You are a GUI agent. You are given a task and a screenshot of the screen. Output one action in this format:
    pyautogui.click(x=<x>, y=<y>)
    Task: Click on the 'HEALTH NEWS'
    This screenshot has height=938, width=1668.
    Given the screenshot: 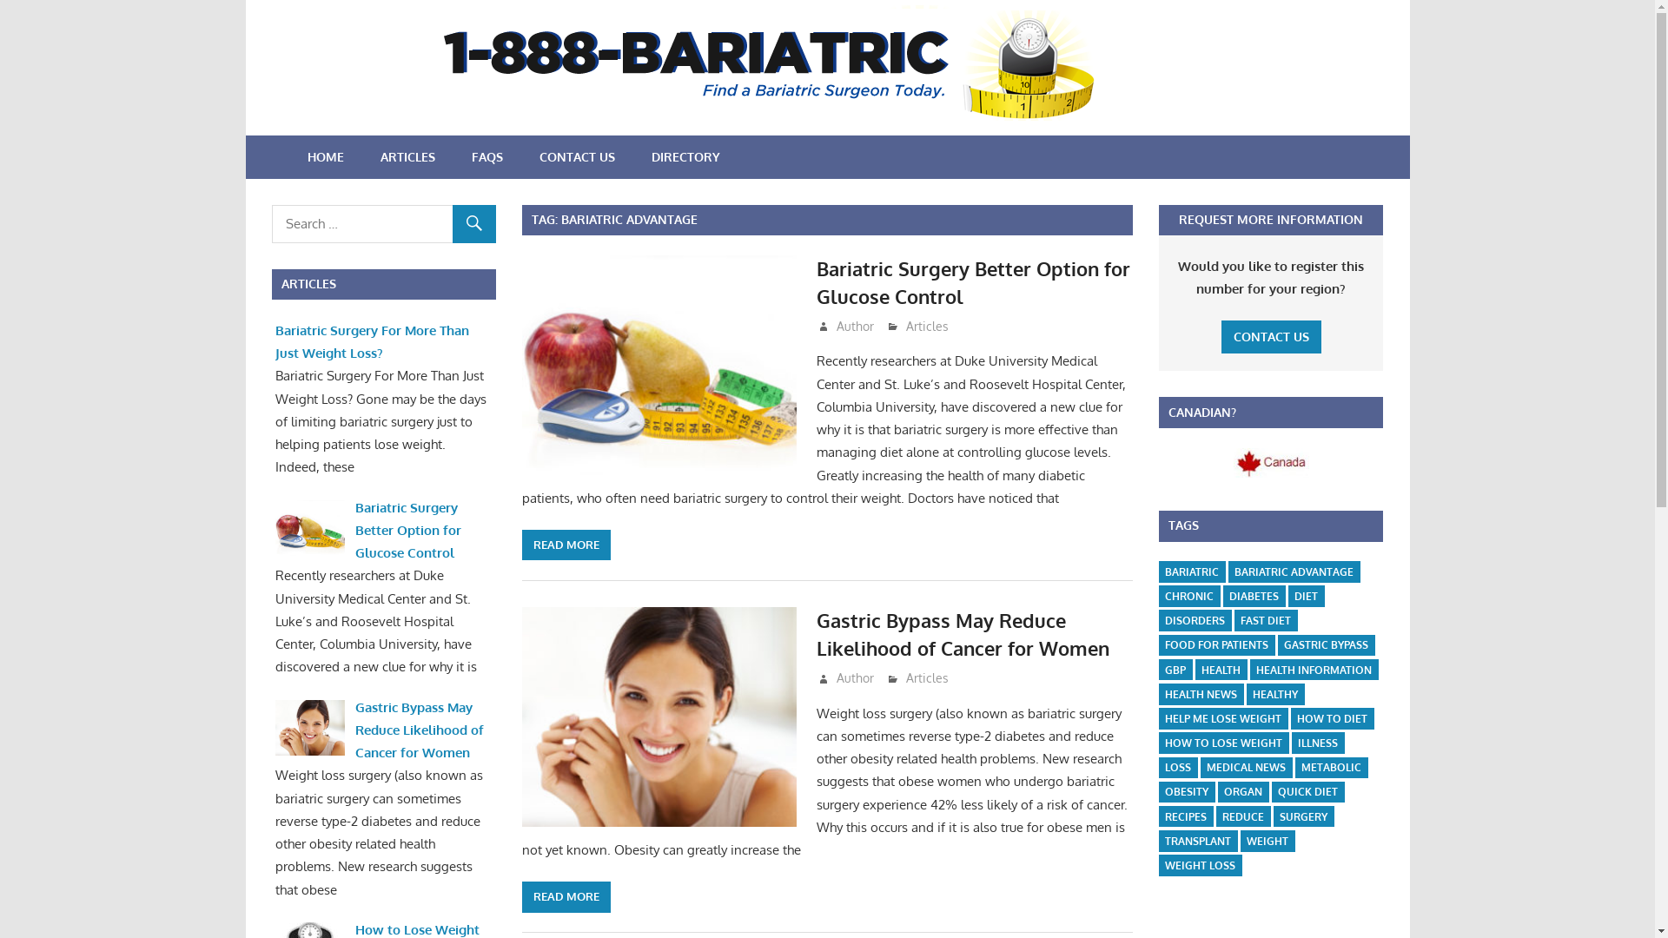 What is the action you would take?
    pyautogui.click(x=1200, y=693)
    